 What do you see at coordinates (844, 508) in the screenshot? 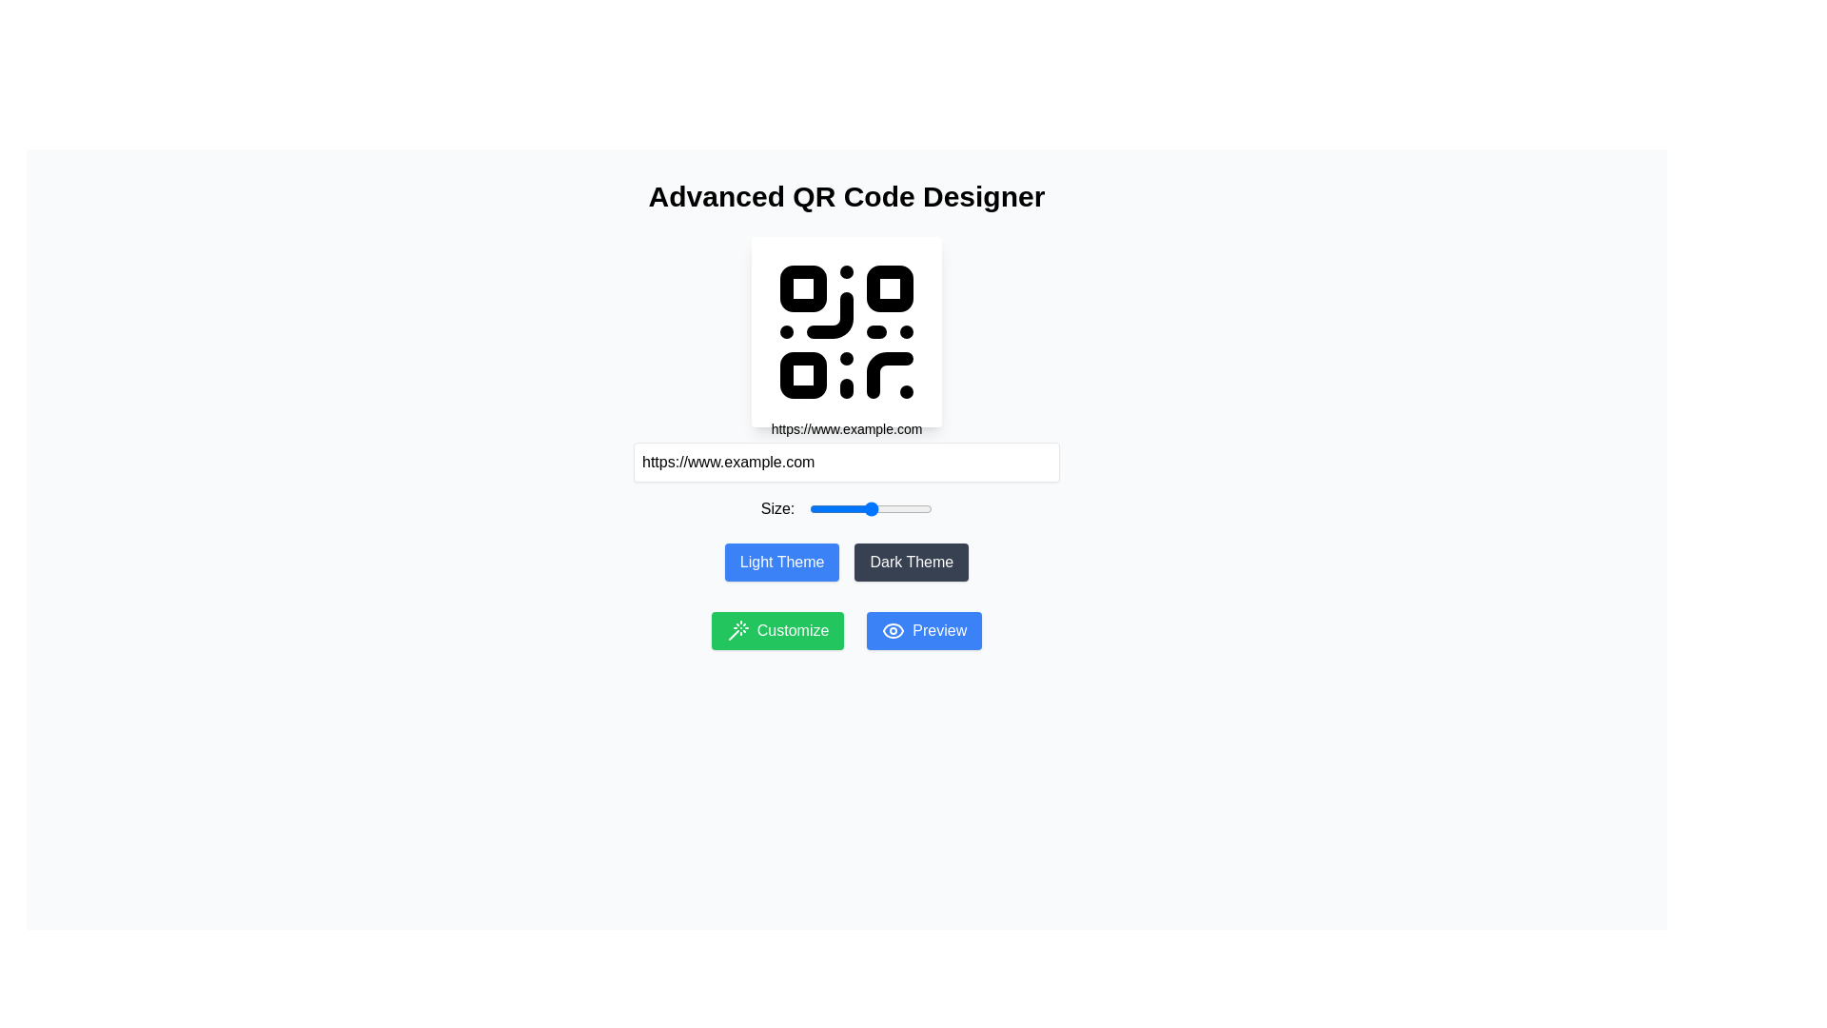
I see `the size` at bounding box center [844, 508].